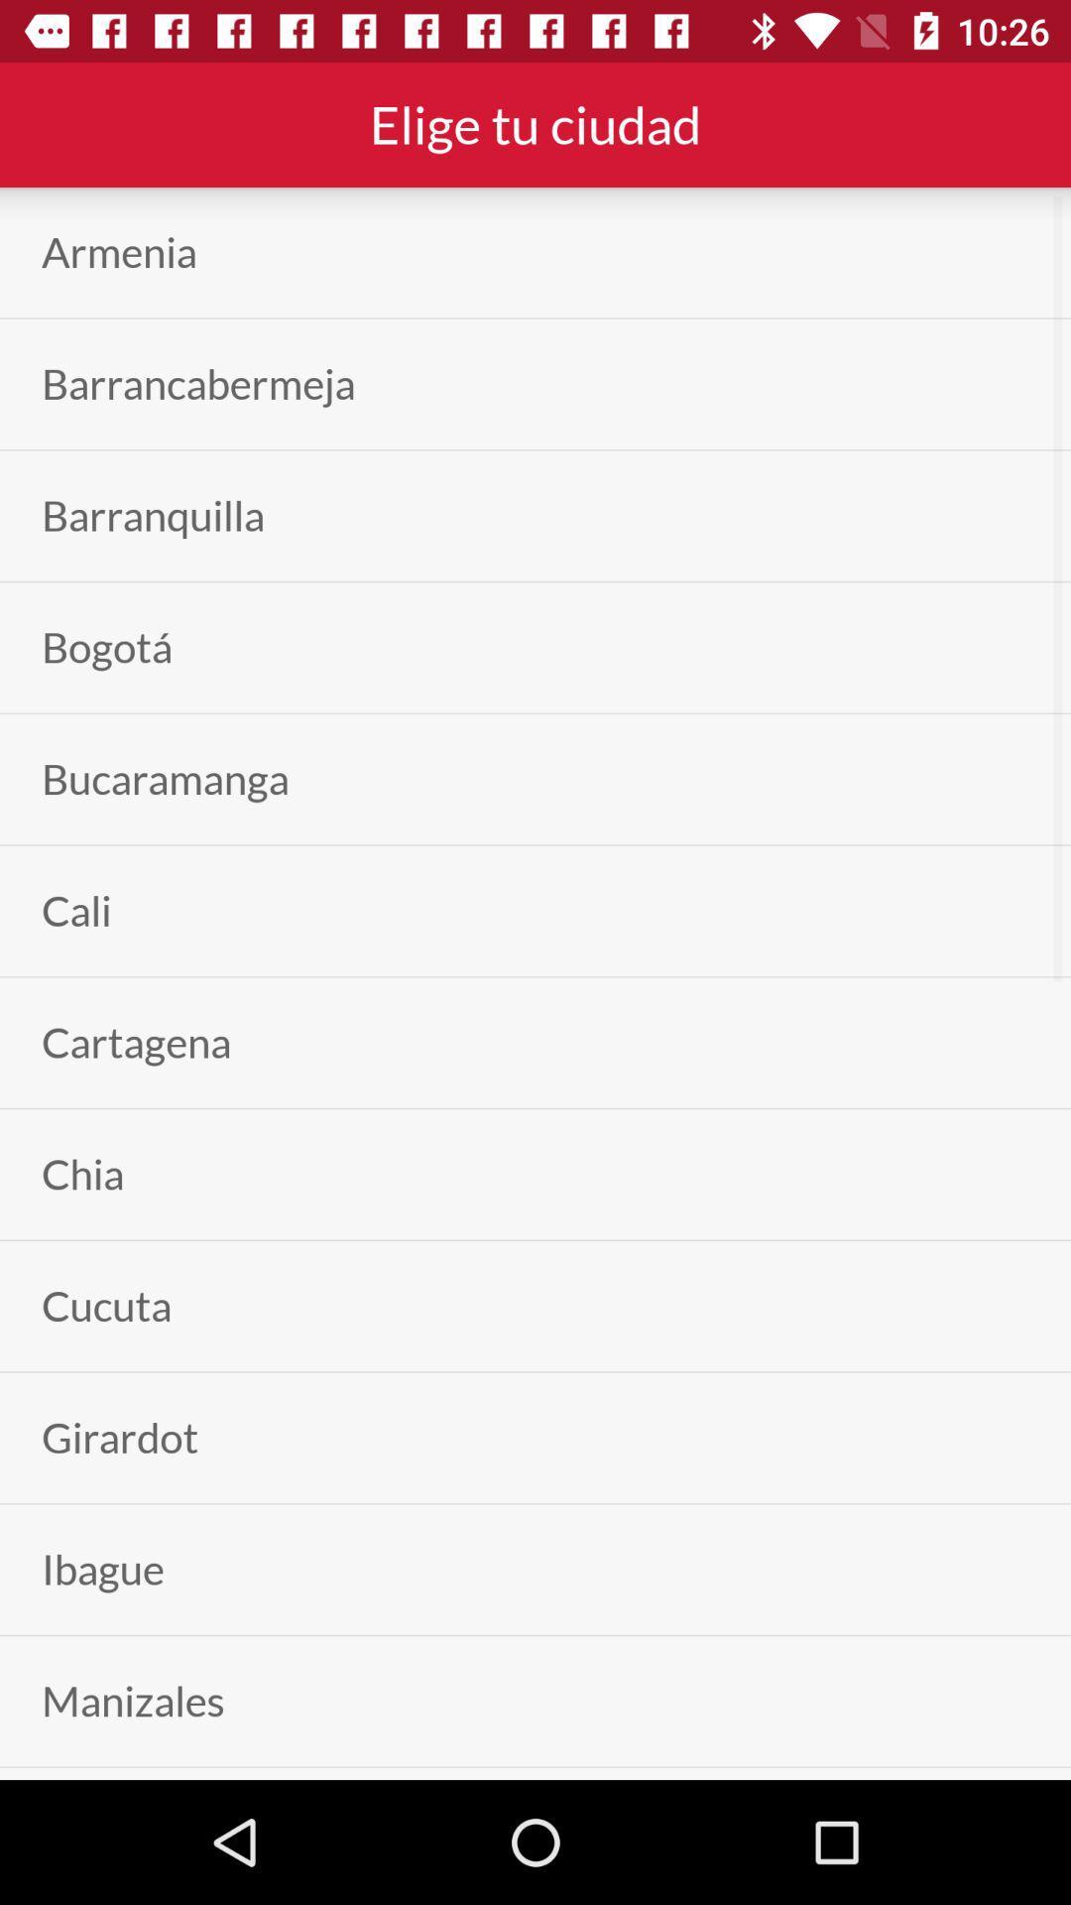  What do you see at coordinates (152, 516) in the screenshot?
I see `the barranquilla app` at bounding box center [152, 516].